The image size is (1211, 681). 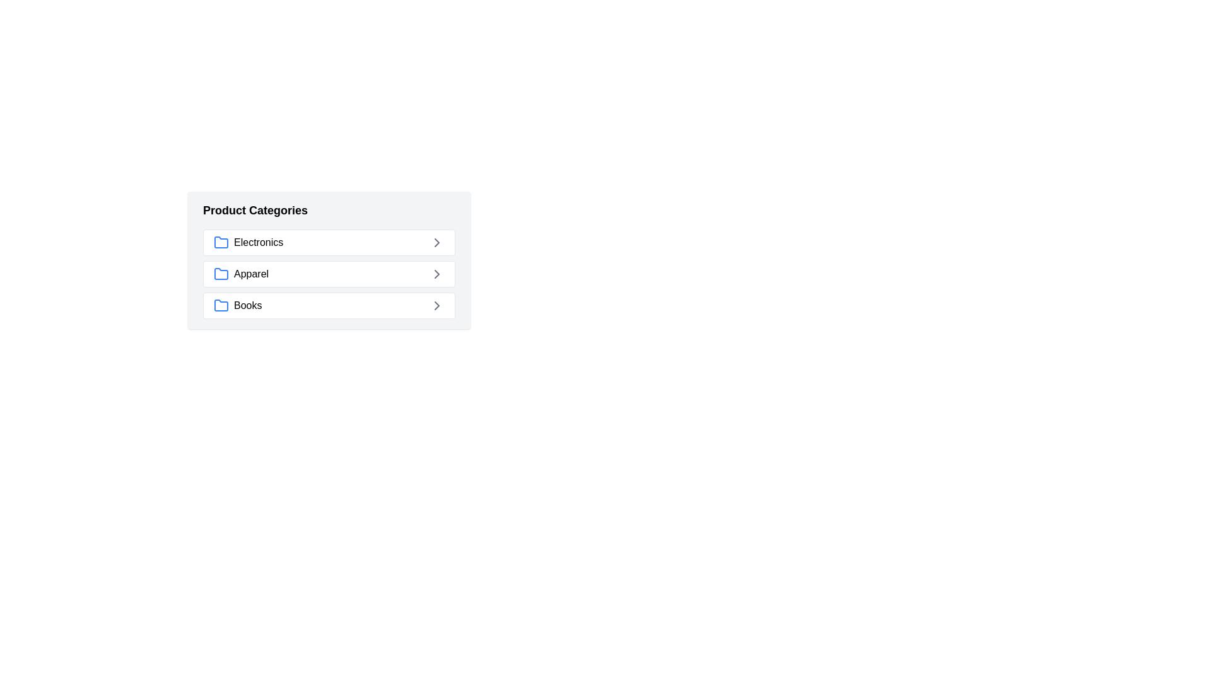 What do you see at coordinates (221, 243) in the screenshot?
I see `the 'Electronics' category icon located at the top left corner of the interface` at bounding box center [221, 243].